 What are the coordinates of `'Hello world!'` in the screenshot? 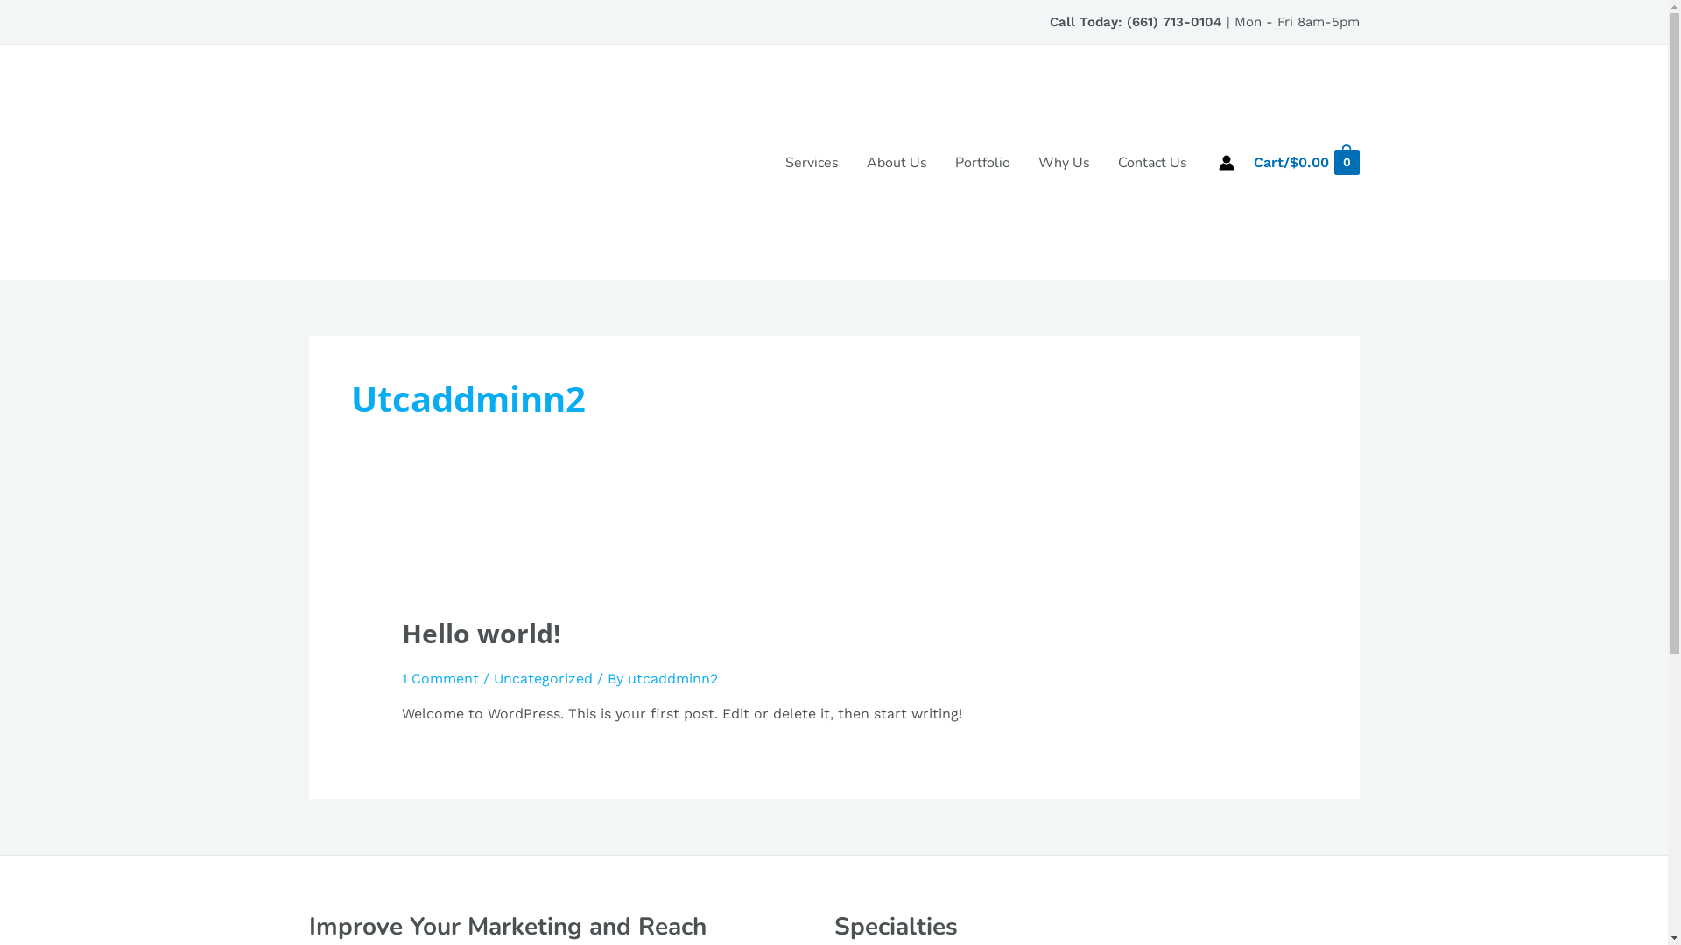 It's located at (482, 633).